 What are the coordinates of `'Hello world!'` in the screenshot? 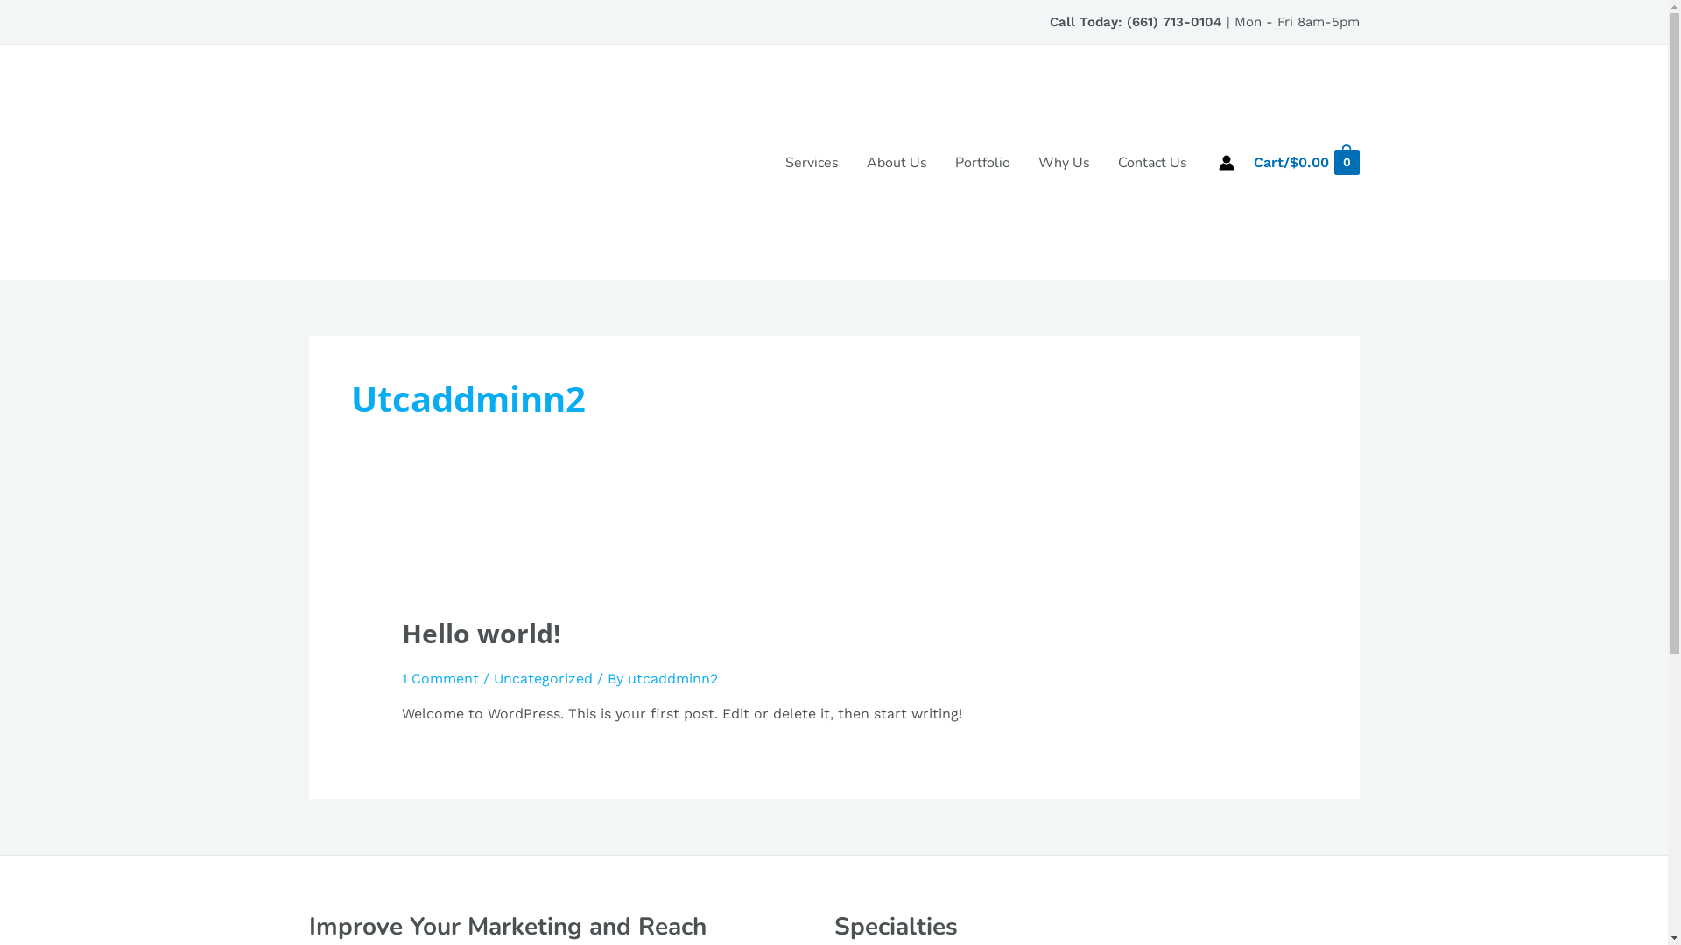 It's located at (482, 633).